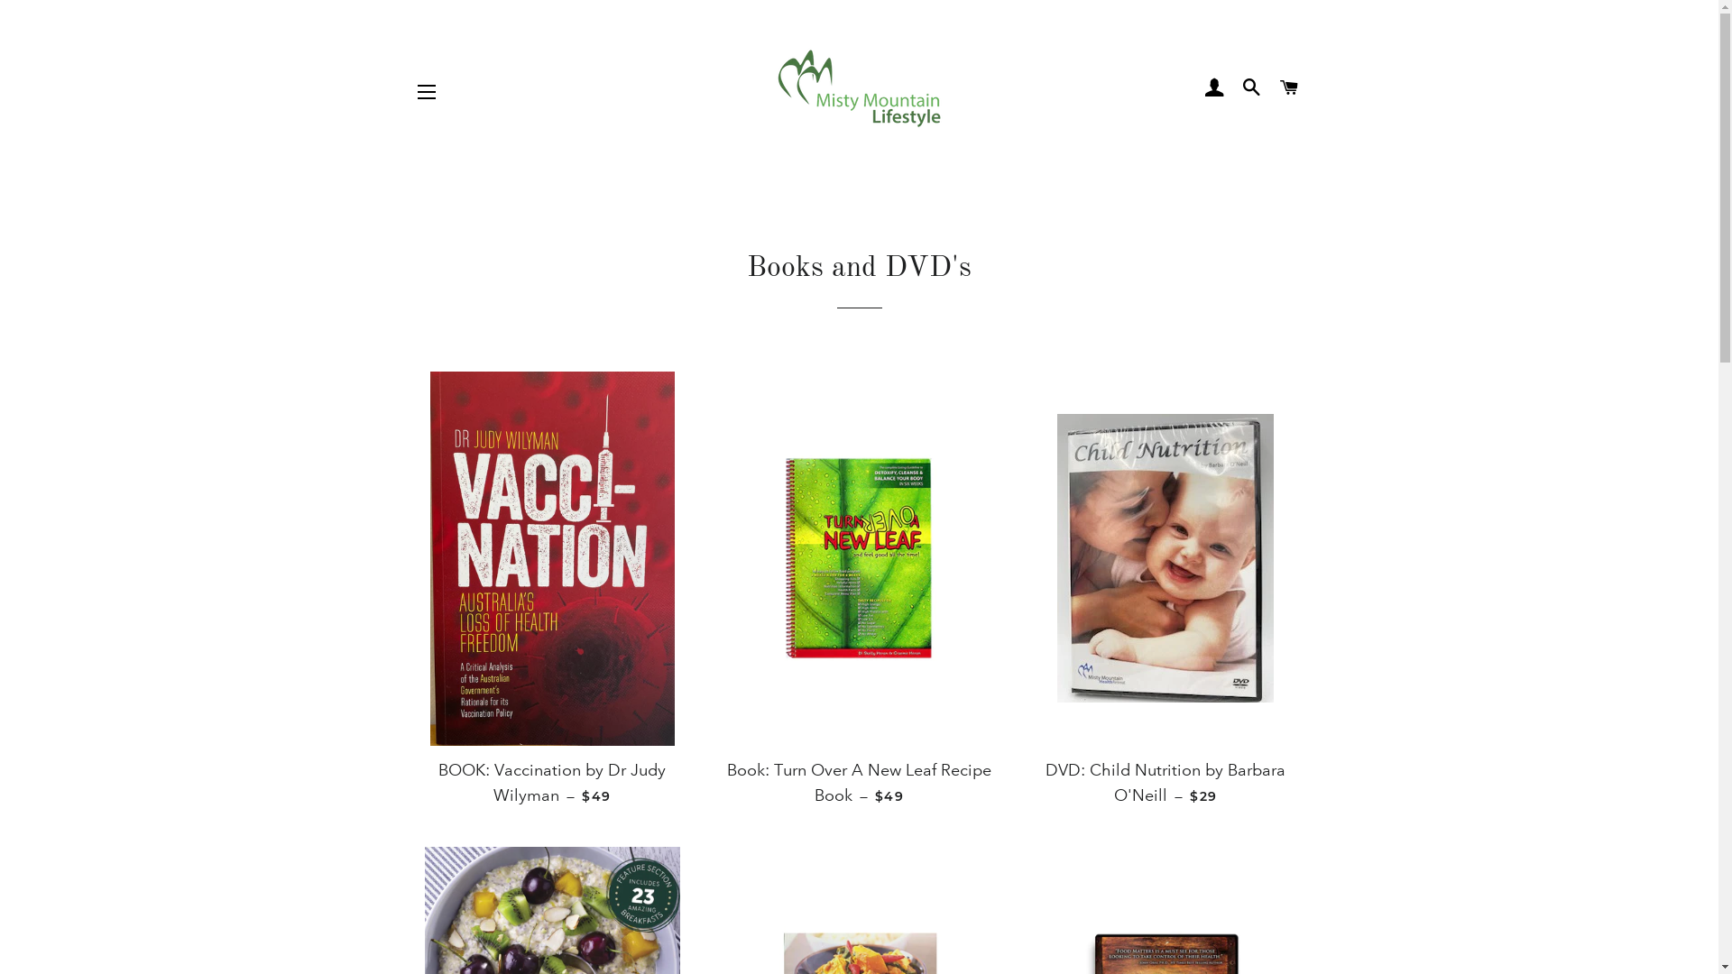 The width and height of the screenshot is (1732, 974). I want to click on 'SITE NAVIGATION', so click(426, 91).